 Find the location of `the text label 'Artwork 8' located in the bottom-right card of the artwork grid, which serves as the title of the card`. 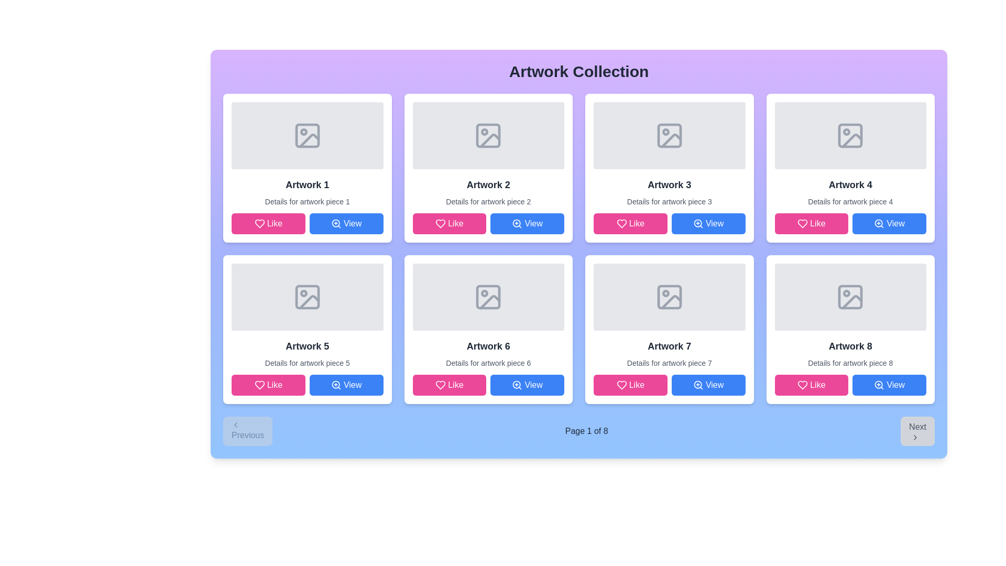

the text label 'Artwork 8' located in the bottom-right card of the artwork grid, which serves as the title of the card is located at coordinates (850, 346).